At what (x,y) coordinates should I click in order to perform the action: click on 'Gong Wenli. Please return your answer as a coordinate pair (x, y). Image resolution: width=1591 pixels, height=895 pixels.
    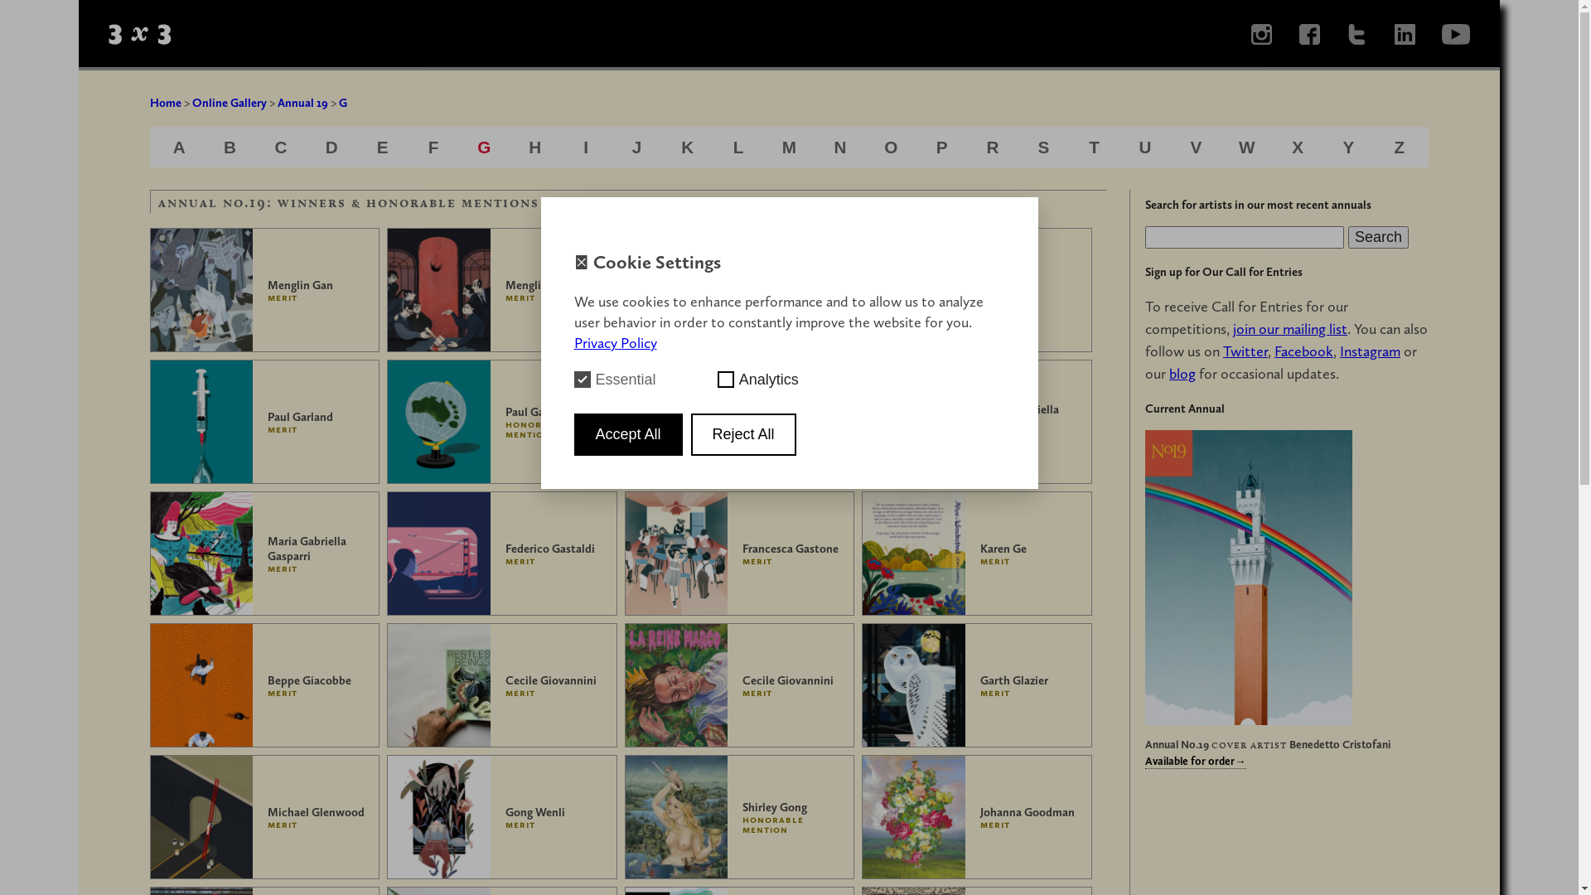
    Looking at the image, I should click on (501, 816).